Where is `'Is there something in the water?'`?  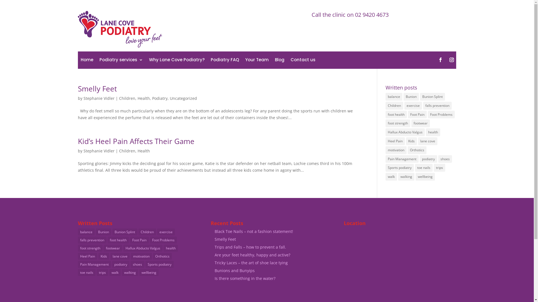
'Is there something in the water?' is located at coordinates (245, 278).